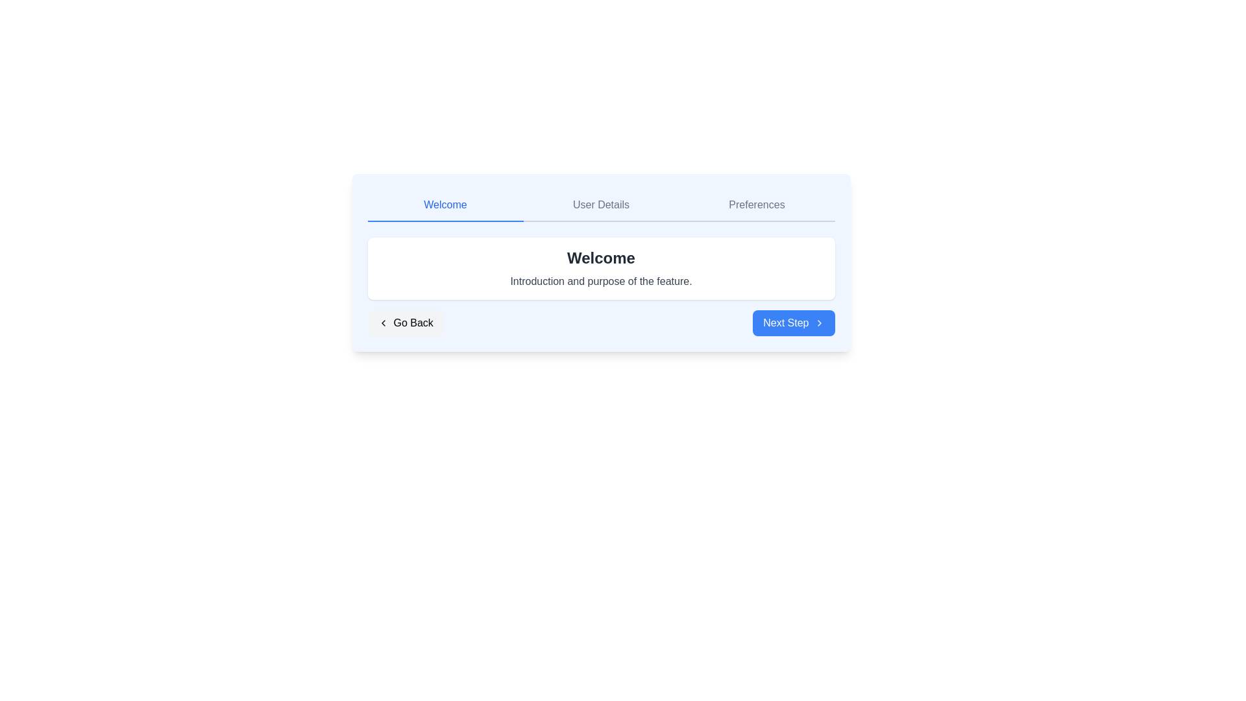 The width and height of the screenshot is (1246, 701). Describe the element at coordinates (600, 204) in the screenshot. I see `the 'User Details' tab, which is the second tab in a row of three, positioned between 'Welcome' and 'Preferences'` at that location.